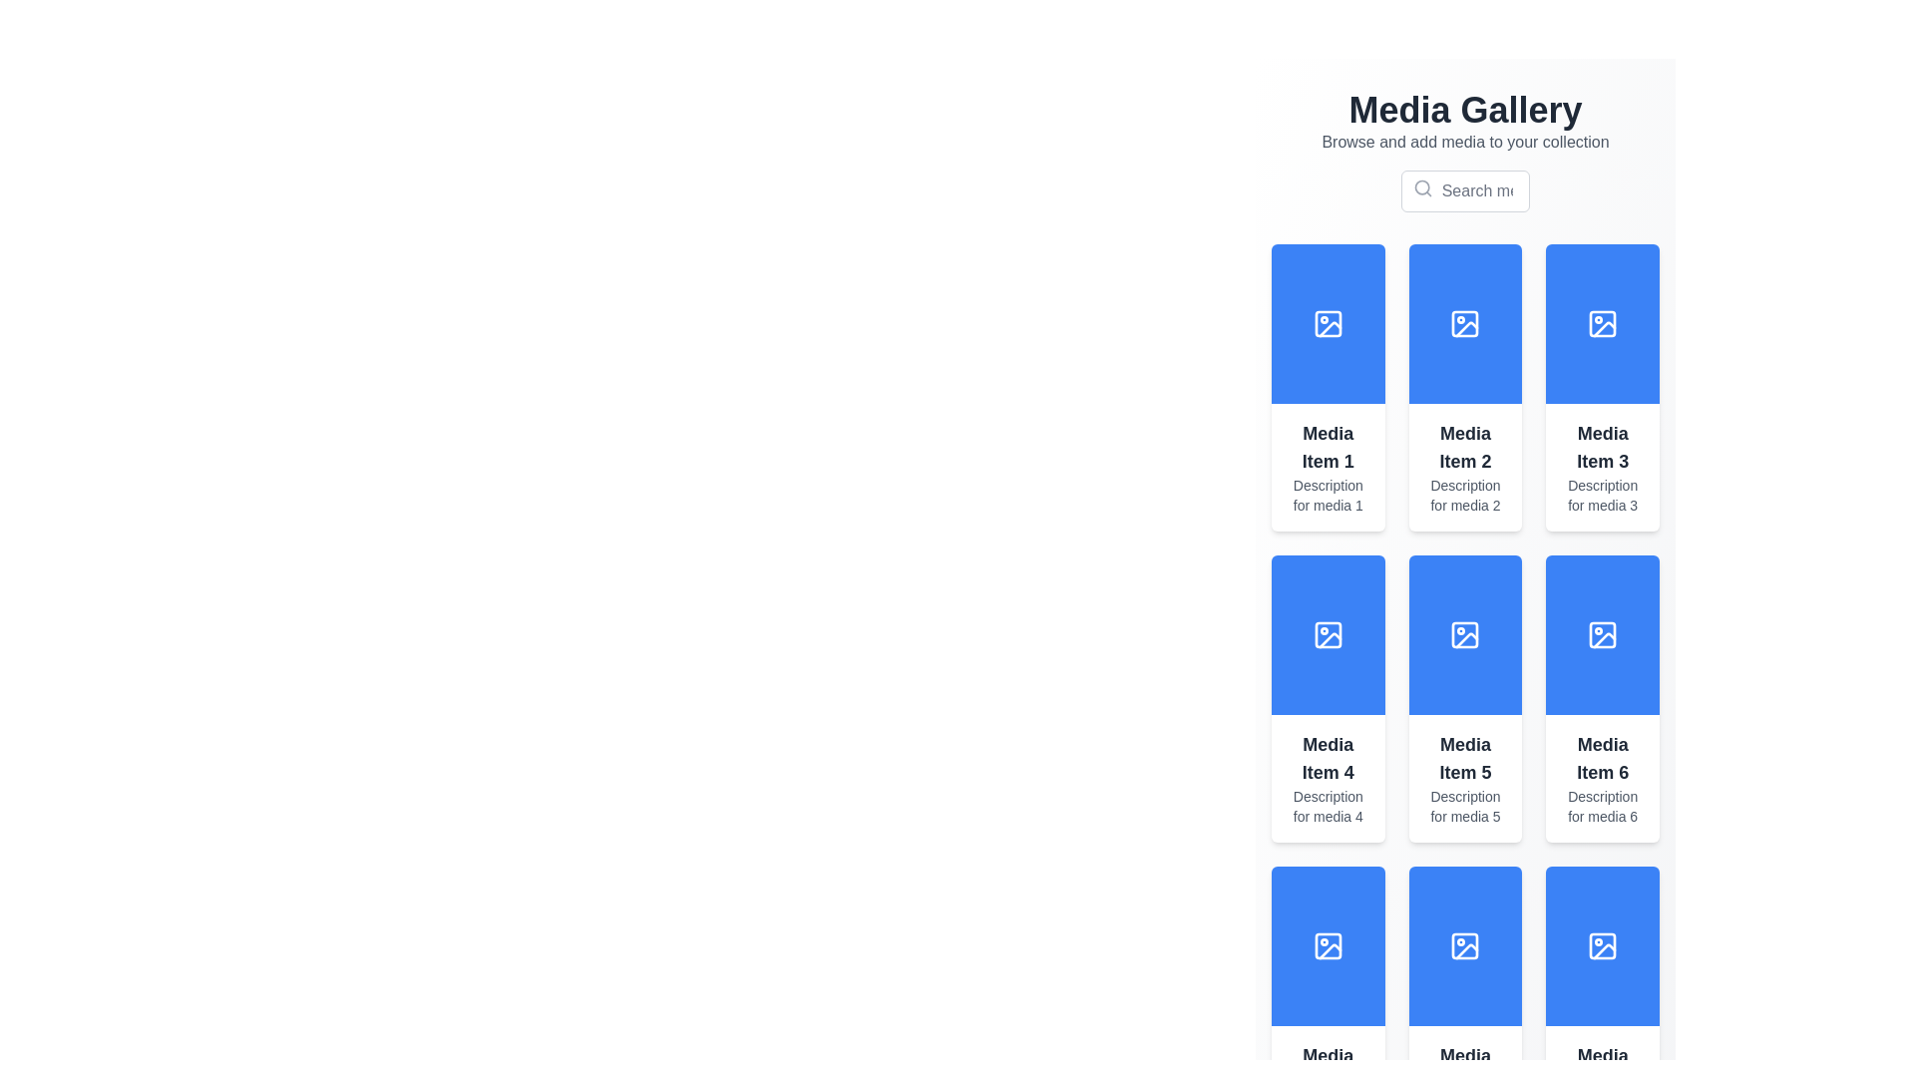 This screenshot has width=1915, height=1077. What do you see at coordinates (1603, 634) in the screenshot?
I see `the icon element, which is a small image icon with a circular object within a white frame against a blue background, located in the top half of the tile labeled 'Media Item 6' in the 'Media Gallery'` at bounding box center [1603, 634].